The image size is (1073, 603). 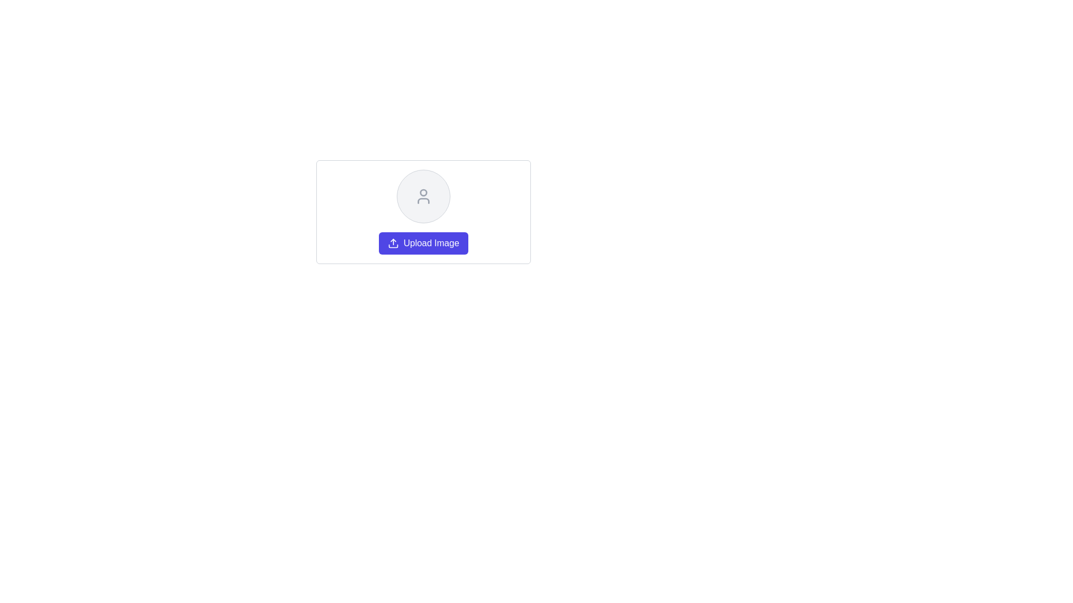 I want to click on the icon located to the left of the 'Upload Image' text within the clickable button, which is centrally positioned below a profile image placeholder, so click(x=393, y=242).